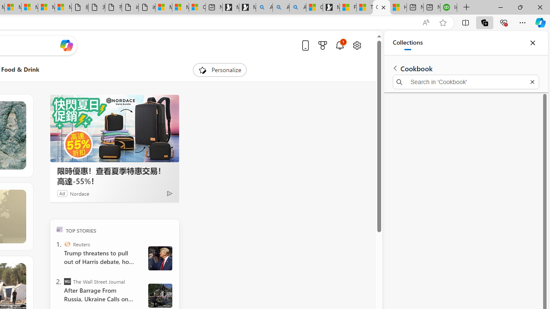  I want to click on 'Food & Drink', so click(20, 70).